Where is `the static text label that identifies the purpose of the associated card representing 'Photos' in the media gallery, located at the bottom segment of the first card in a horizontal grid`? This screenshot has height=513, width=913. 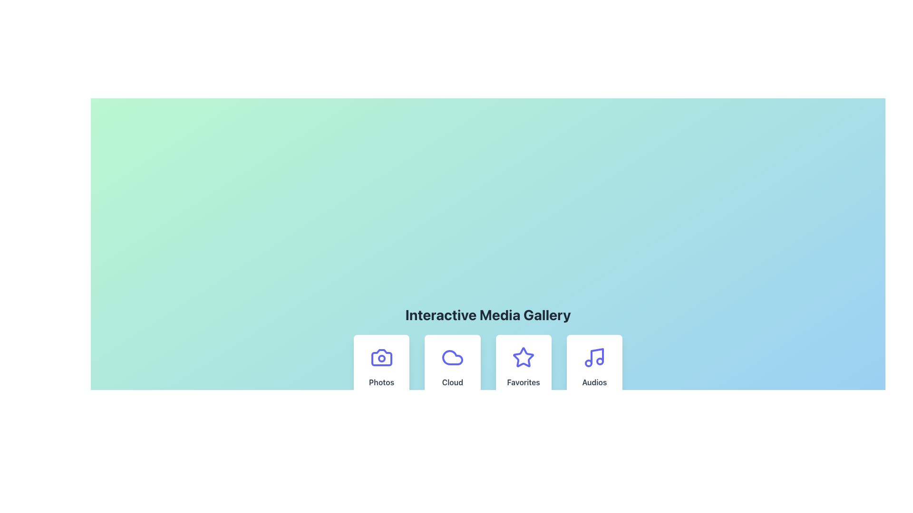
the static text label that identifies the purpose of the associated card representing 'Photos' in the media gallery, located at the bottom segment of the first card in a horizontal grid is located at coordinates (381, 382).